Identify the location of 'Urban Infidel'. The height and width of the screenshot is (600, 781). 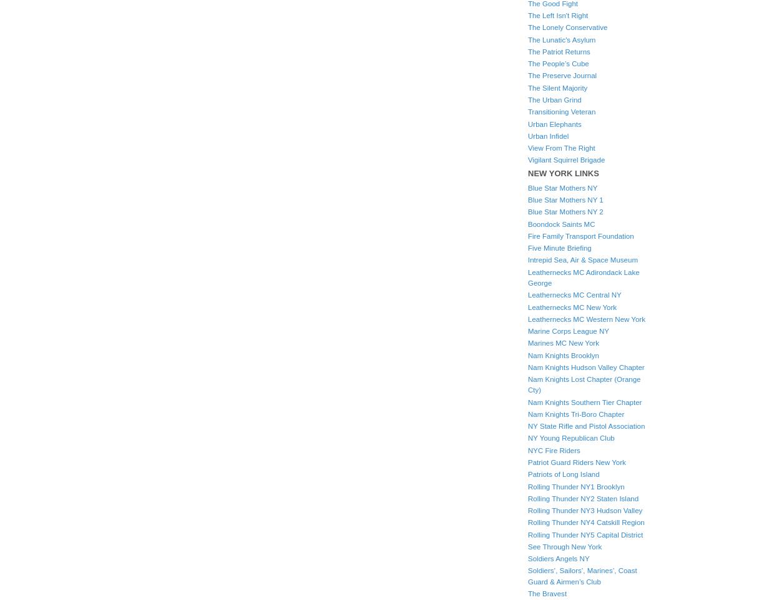
(527, 135).